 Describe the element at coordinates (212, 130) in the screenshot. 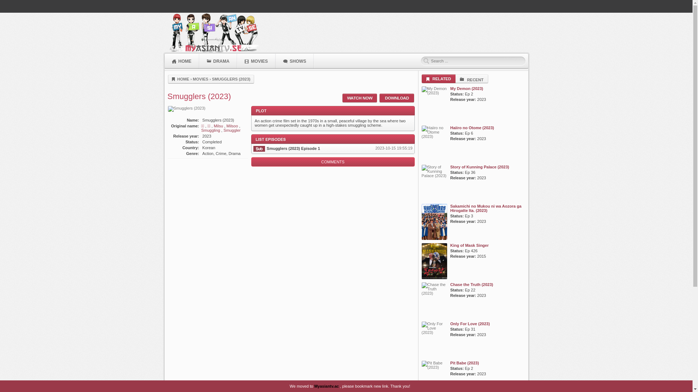

I see `'Smuggling'` at that location.